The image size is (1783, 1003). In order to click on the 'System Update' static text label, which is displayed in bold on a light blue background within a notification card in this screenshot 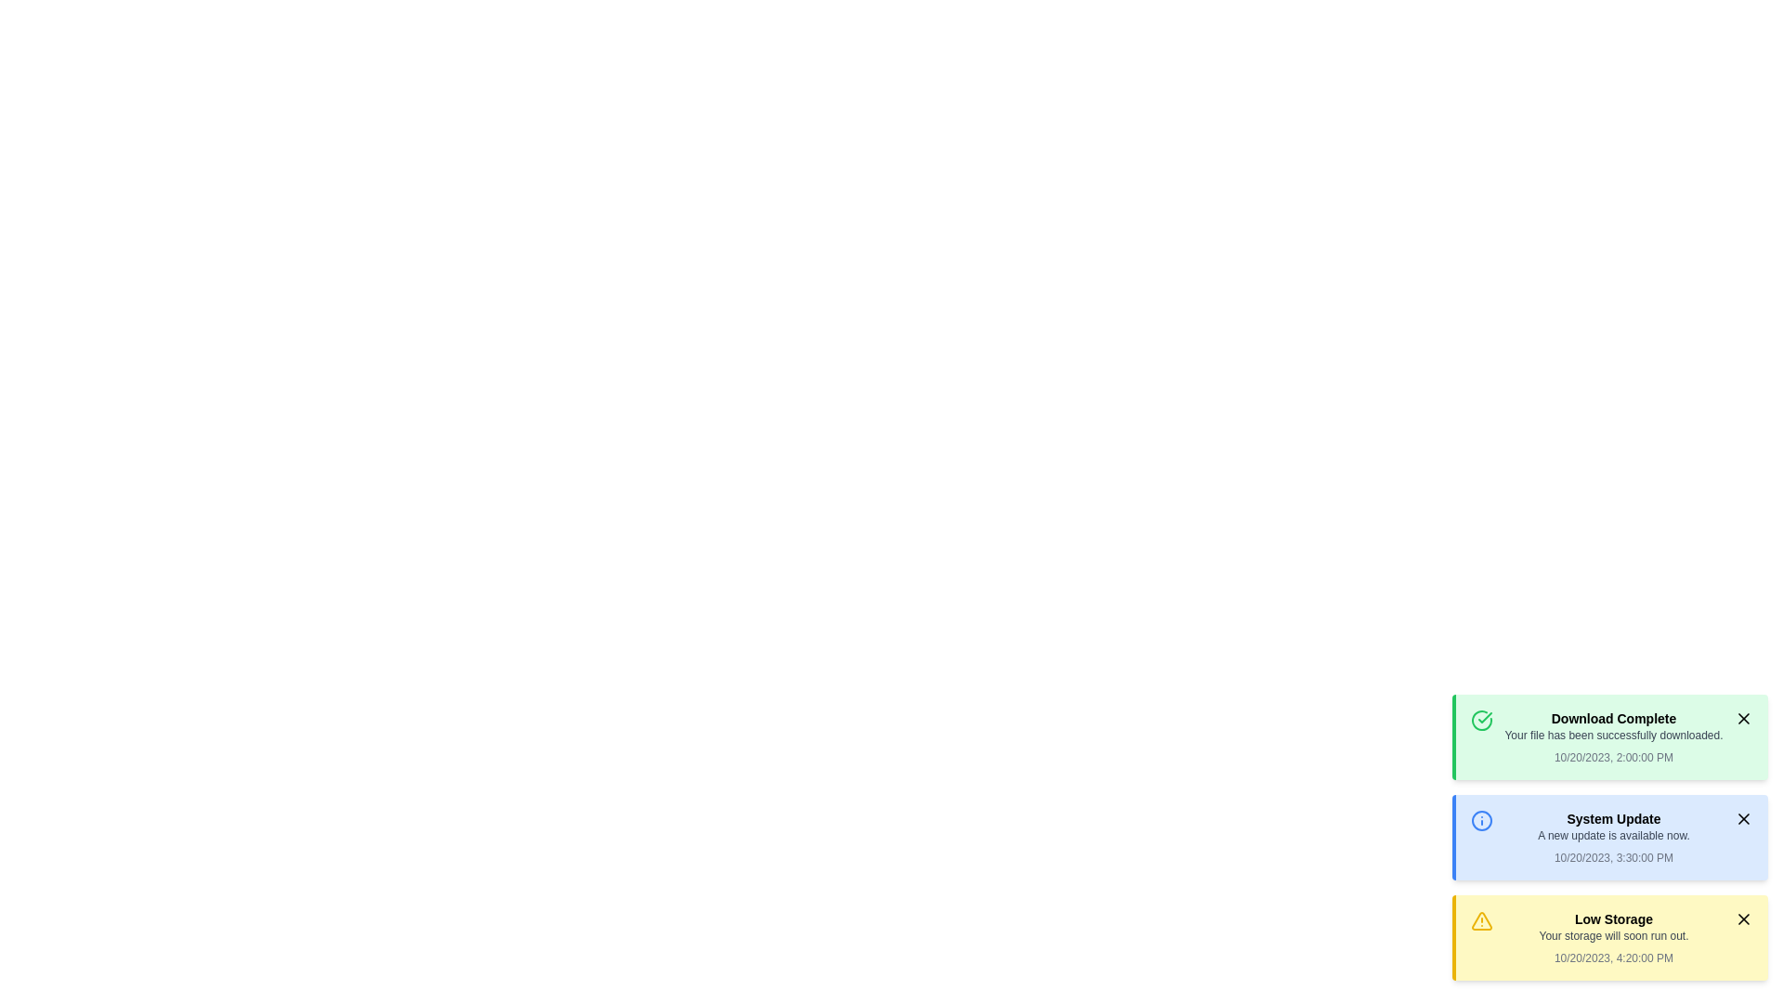, I will do `click(1612, 818)`.